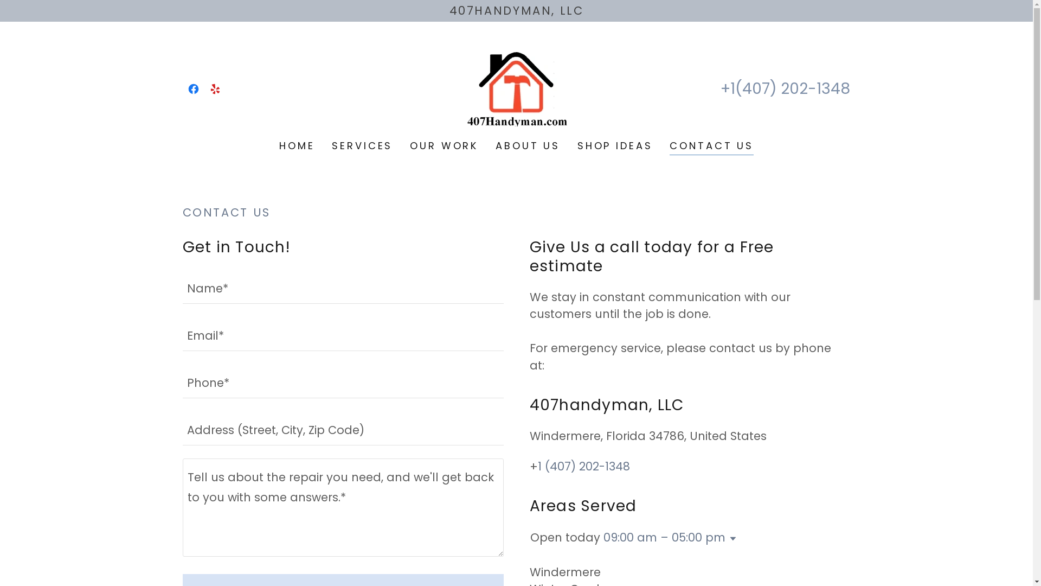  I want to click on 'SERVICES', so click(327, 144).